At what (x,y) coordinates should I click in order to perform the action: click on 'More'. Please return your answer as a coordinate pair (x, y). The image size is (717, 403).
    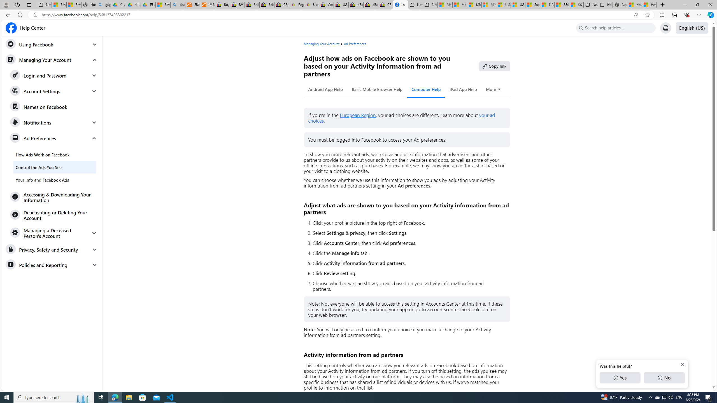
    Looking at the image, I should click on (493, 89).